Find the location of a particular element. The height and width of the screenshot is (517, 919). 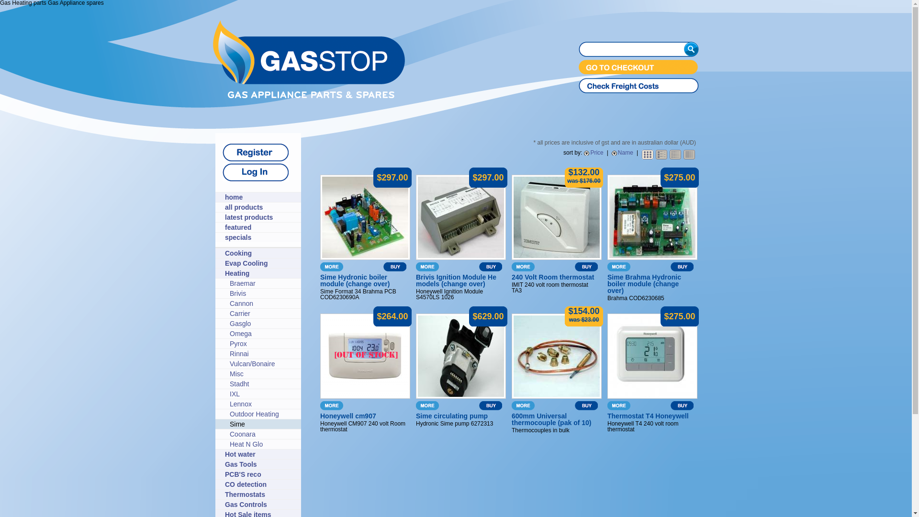

'Coonara' is located at coordinates (263, 434).